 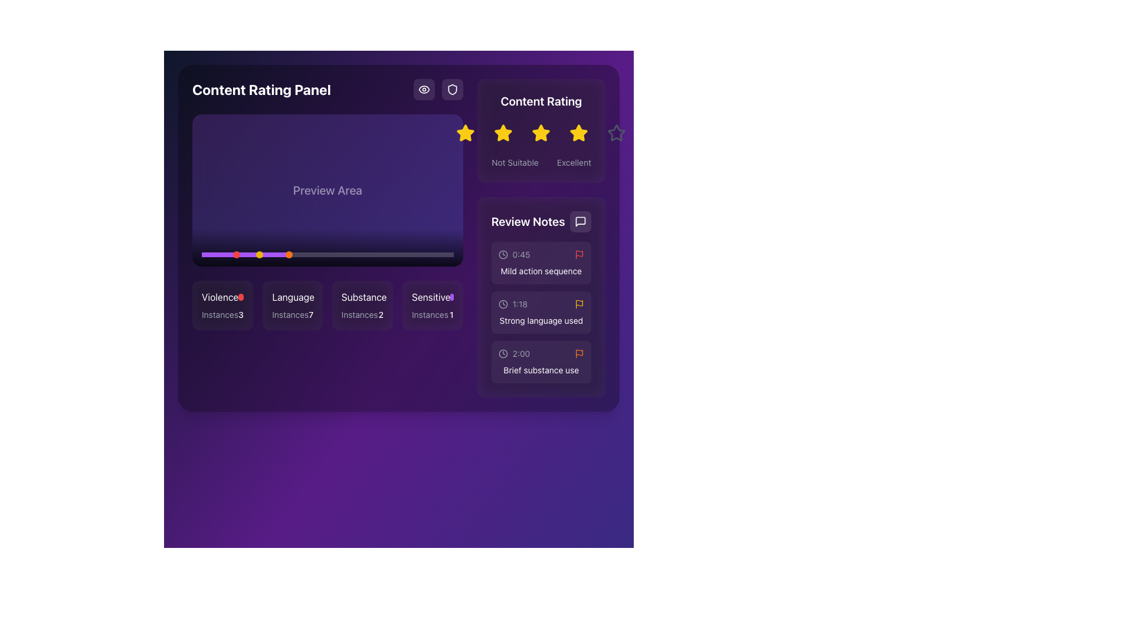 I want to click on the second star-shaped icon filled with yellow color in the 'Content Rating' section, so click(x=503, y=133).